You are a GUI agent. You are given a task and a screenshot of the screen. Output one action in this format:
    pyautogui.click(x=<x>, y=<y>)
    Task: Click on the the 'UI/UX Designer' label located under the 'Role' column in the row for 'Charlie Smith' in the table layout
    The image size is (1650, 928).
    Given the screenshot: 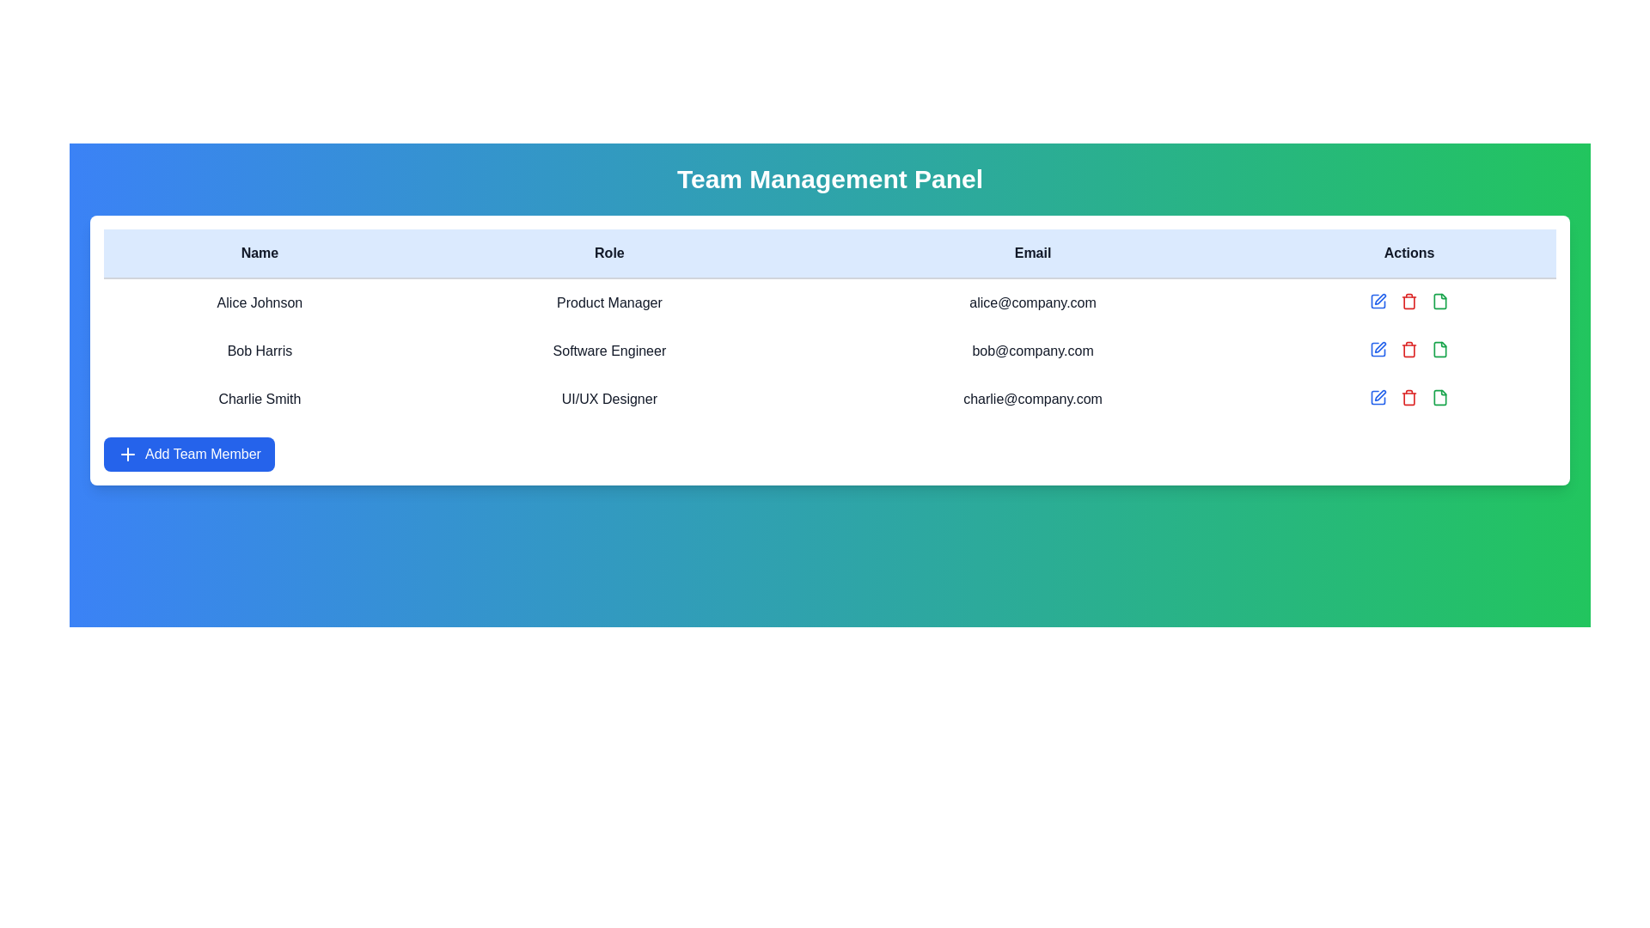 What is the action you would take?
    pyautogui.click(x=609, y=400)
    